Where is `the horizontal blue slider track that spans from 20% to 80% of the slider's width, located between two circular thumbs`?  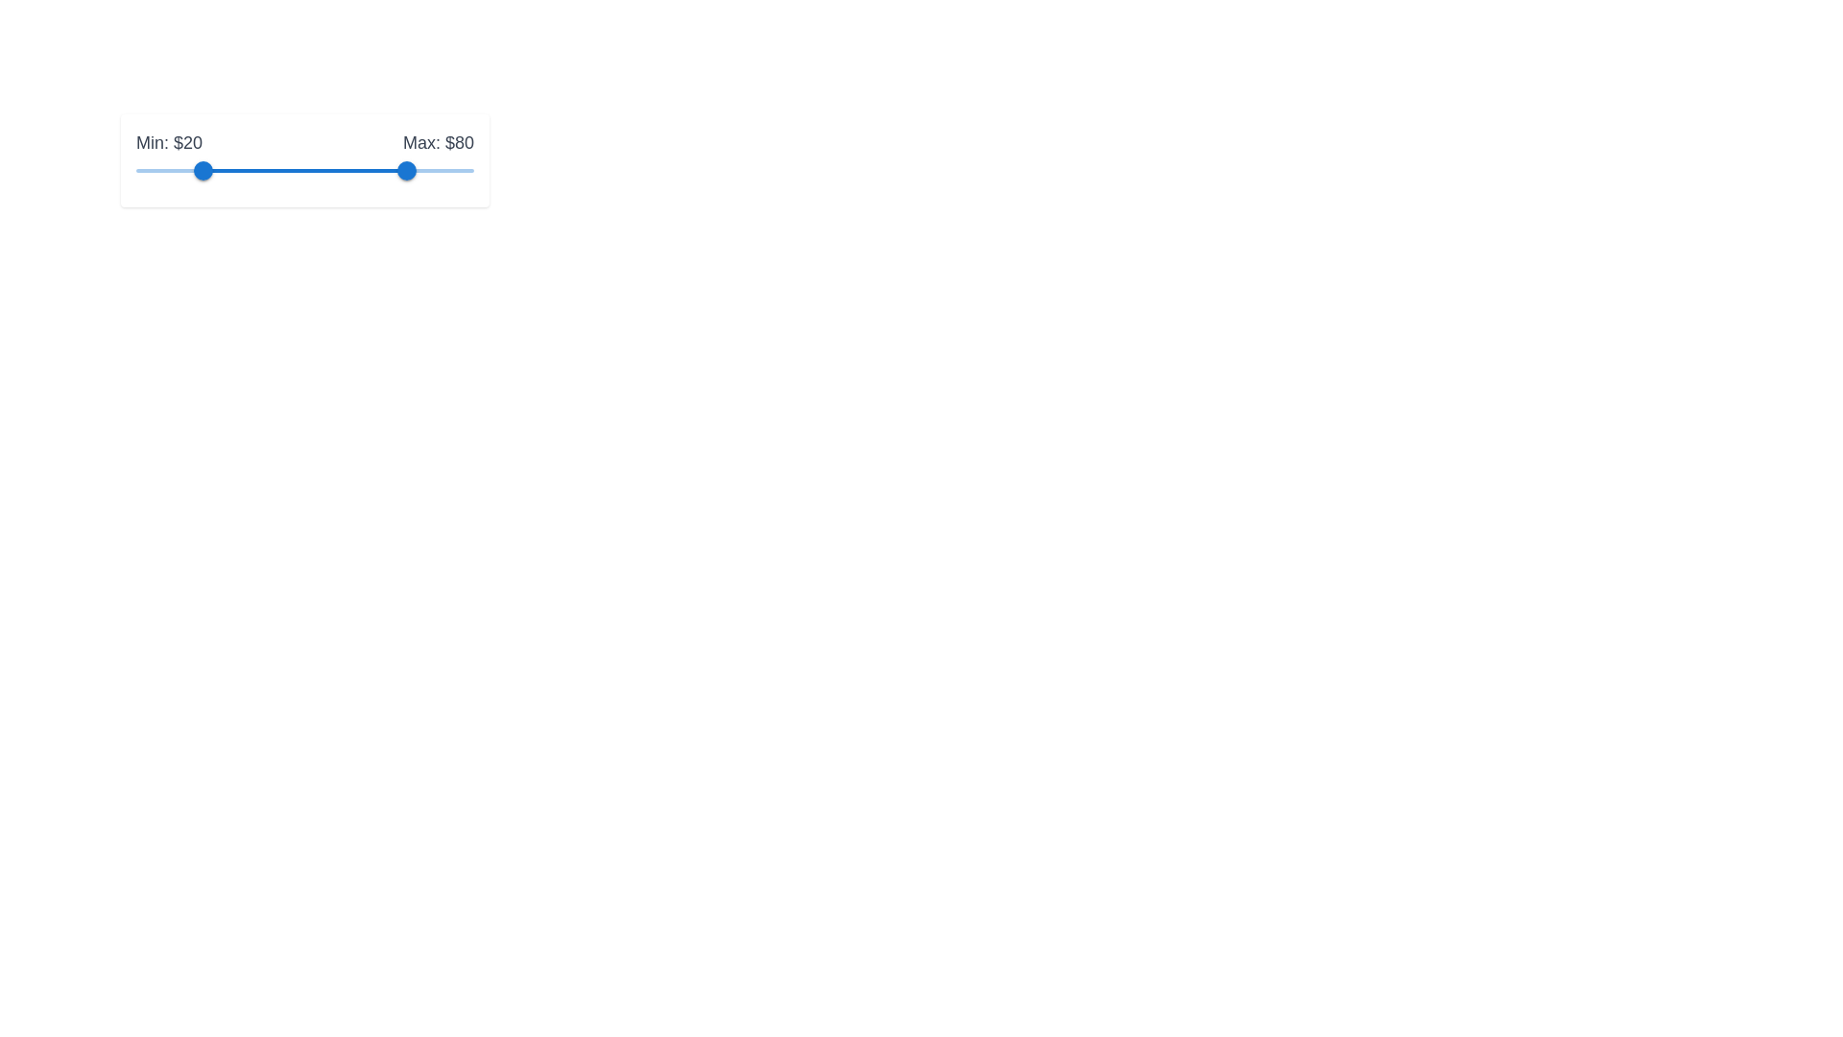
the horizontal blue slider track that spans from 20% to 80% of the slider's width, located between two circular thumbs is located at coordinates (303, 169).